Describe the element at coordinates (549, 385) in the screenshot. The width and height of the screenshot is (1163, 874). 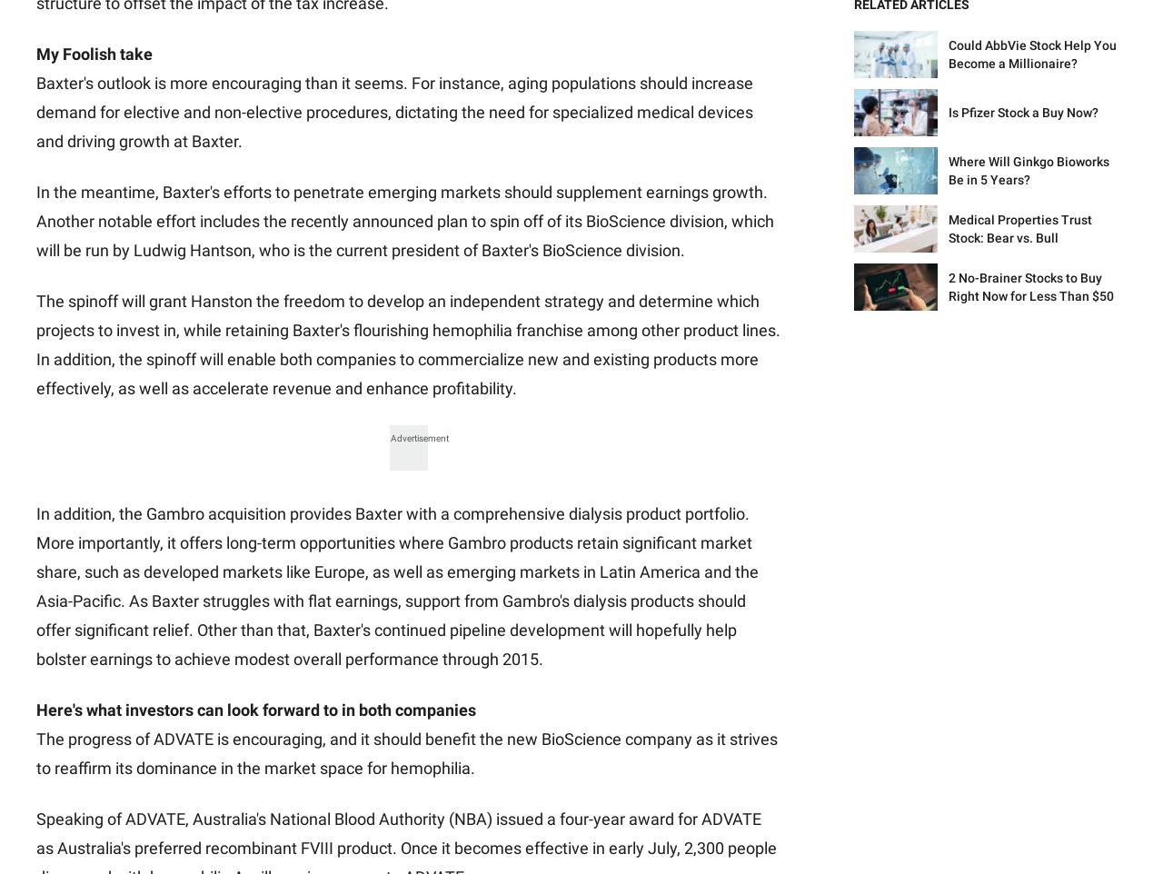
I see `'Rule Your Retirement'` at that location.